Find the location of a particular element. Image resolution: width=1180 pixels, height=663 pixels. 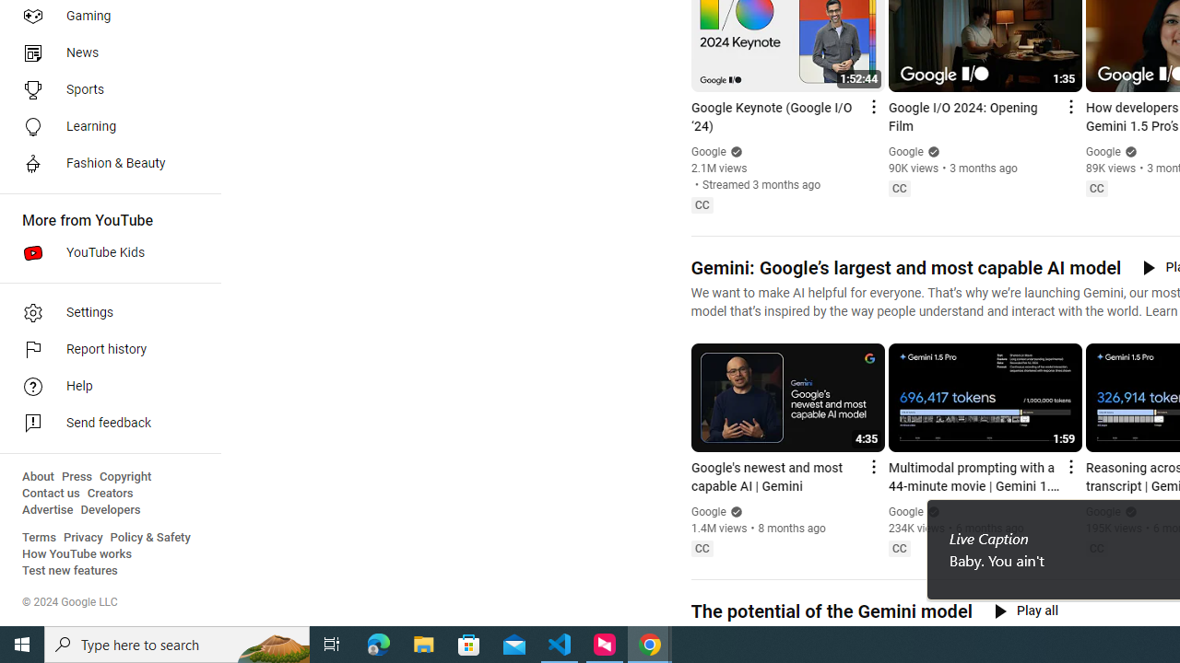

'Test new features' is located at coordinates (70, 570).